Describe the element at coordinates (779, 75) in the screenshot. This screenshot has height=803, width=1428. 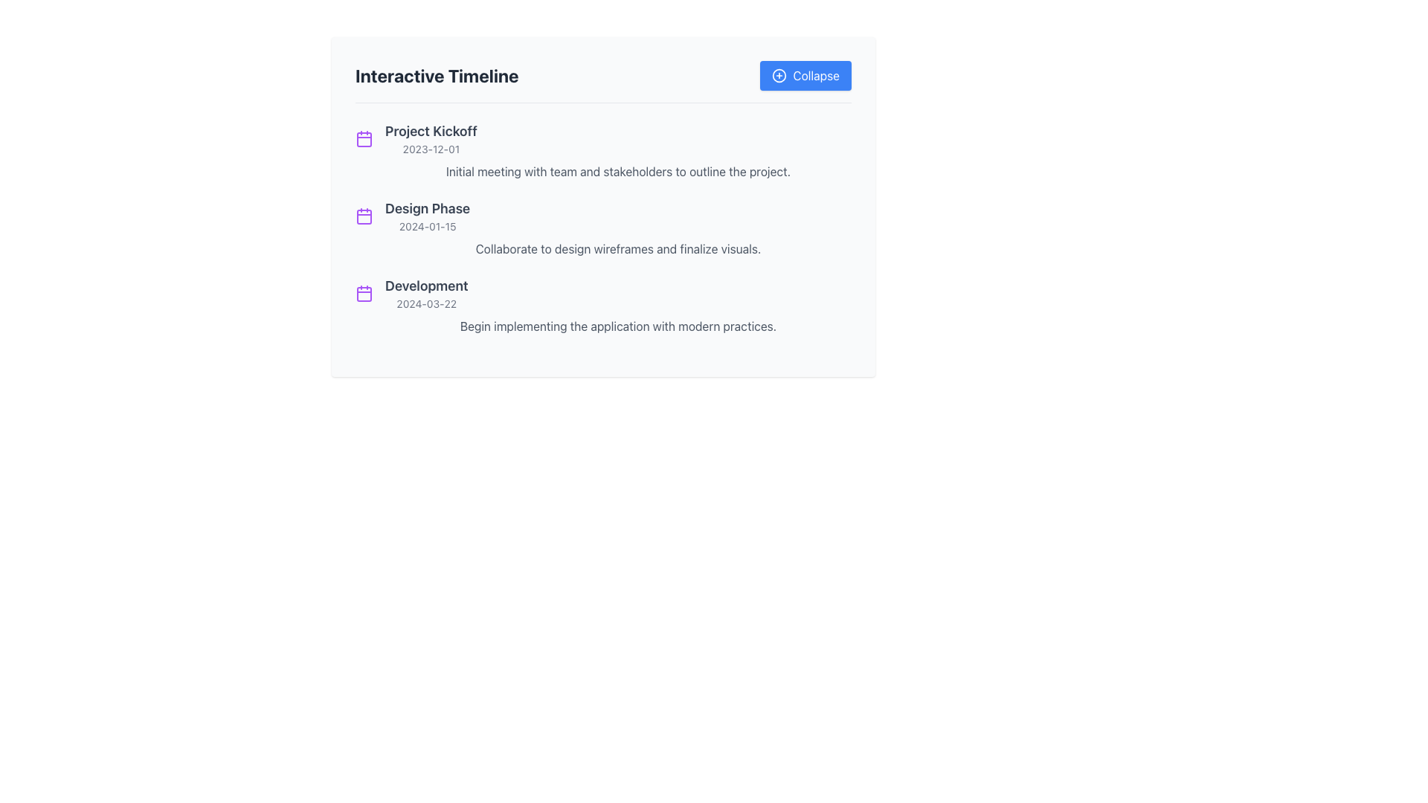
I see `the circular component of the plus icon located in the top-right corner of the 'Interactive Timeline' header, which is used for expanding or collapsing the associated panel` at that location.